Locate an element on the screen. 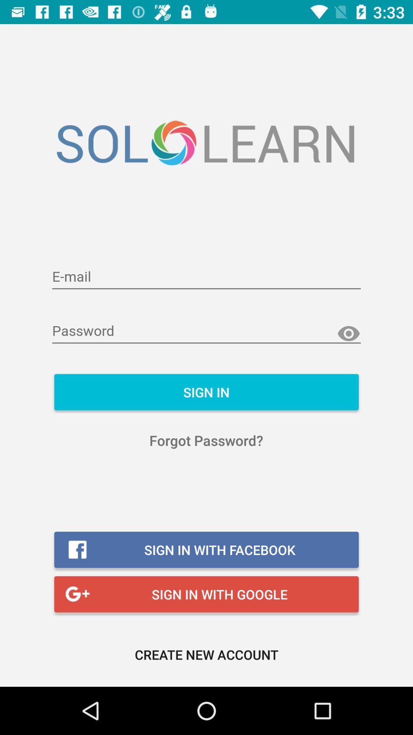 This screenshot has width=413, height=735. place for enter email id is located at coordinates (206, 277).